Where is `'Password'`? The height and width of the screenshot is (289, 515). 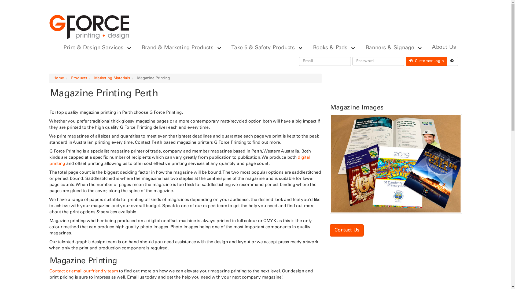
'Password' is located at coordinates (378, 61).